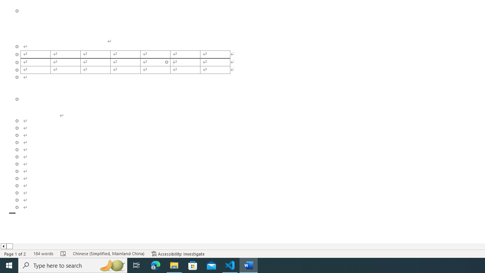  What do you see at coordinates (15, 254) in the screenshot?
I see `'Page Number Page 1 of 2'` at bounding box center [15, 254].